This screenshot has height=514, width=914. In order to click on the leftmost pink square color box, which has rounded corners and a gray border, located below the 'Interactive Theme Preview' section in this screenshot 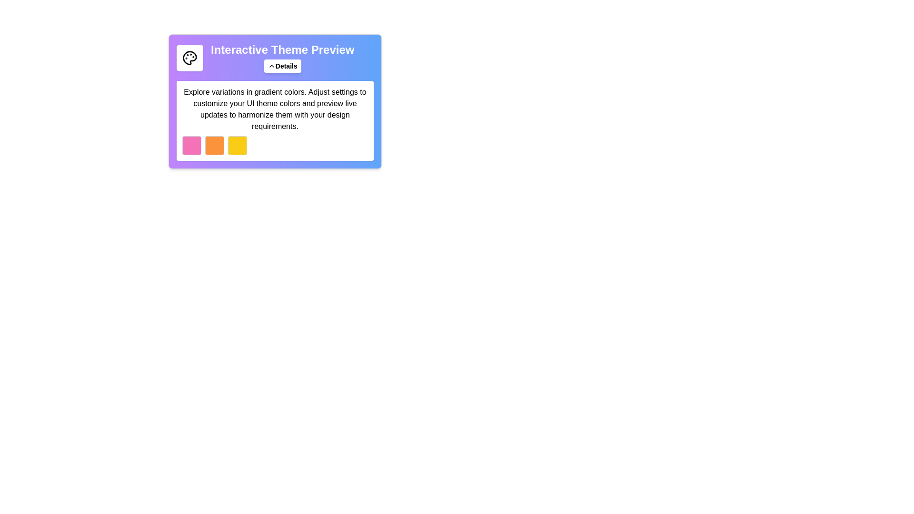, I will do `click(191, 145)`.